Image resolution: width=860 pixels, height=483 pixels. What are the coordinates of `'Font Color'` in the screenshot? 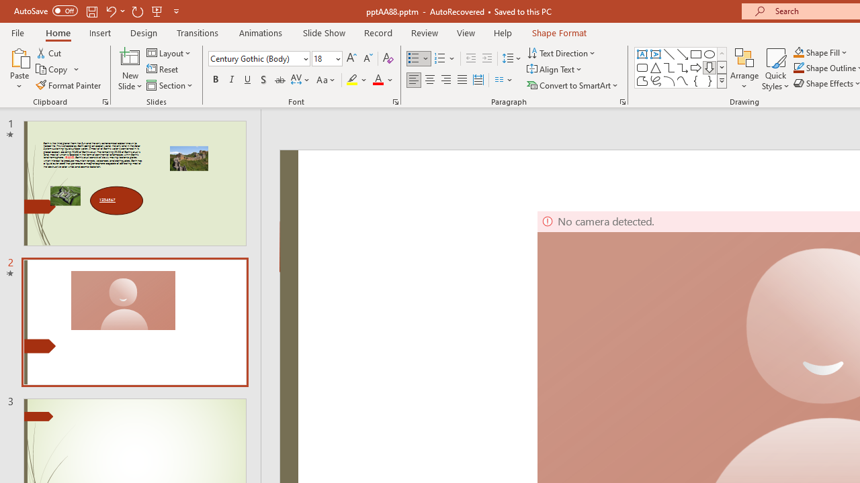 It's located at (382, 80).